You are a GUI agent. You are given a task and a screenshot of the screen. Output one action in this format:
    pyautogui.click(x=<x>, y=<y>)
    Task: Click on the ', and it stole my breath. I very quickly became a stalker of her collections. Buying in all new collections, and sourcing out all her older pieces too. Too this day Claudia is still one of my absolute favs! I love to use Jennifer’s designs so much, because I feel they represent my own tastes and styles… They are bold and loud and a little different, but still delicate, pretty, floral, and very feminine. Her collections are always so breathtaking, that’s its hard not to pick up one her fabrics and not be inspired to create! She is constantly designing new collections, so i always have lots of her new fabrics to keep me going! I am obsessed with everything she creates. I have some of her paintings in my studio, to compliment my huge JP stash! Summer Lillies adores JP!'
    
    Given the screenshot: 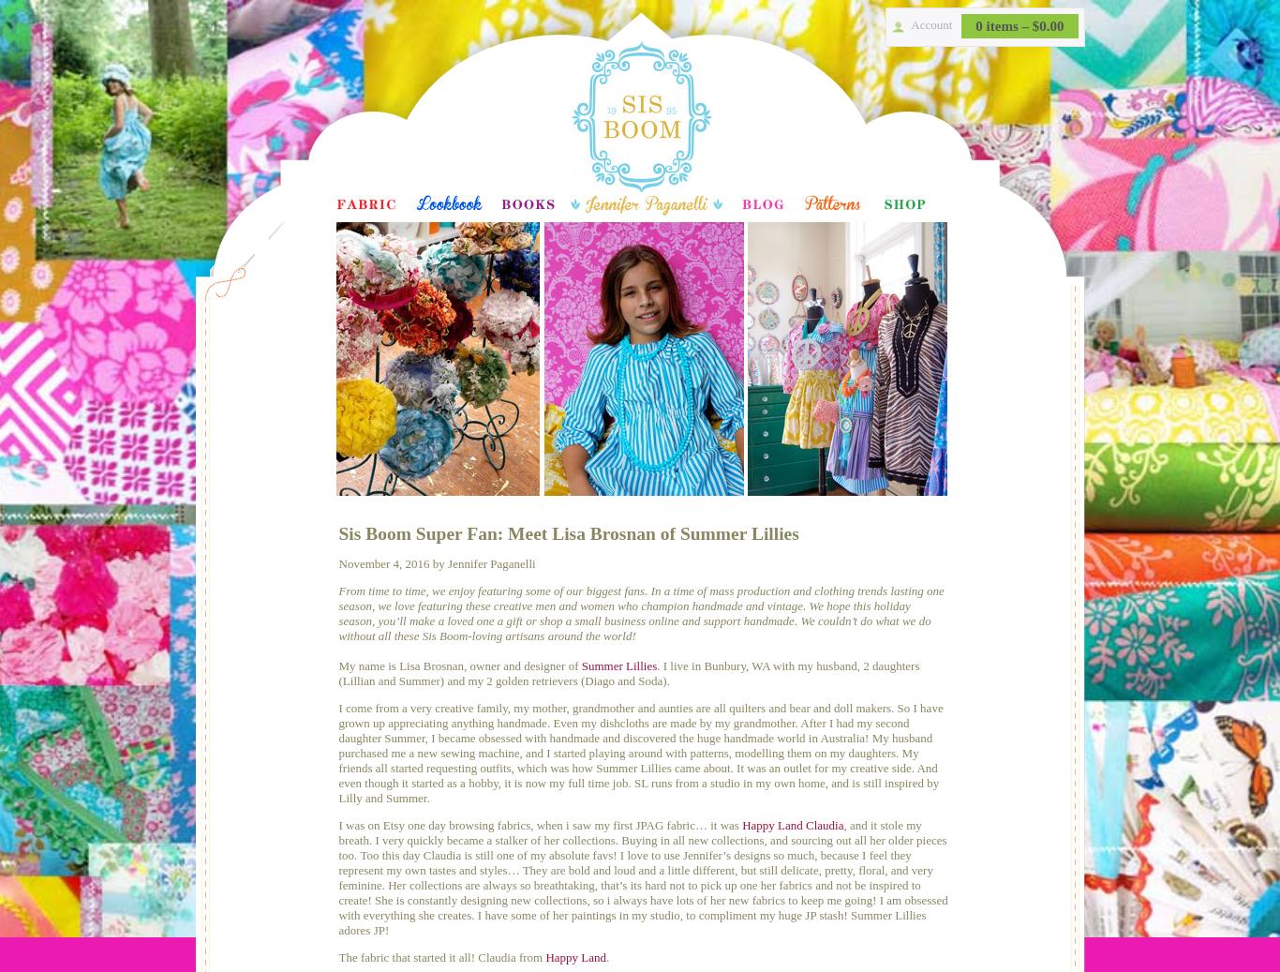 What is the action you would take?
    pyautogui.click(x=643, y=877)
    